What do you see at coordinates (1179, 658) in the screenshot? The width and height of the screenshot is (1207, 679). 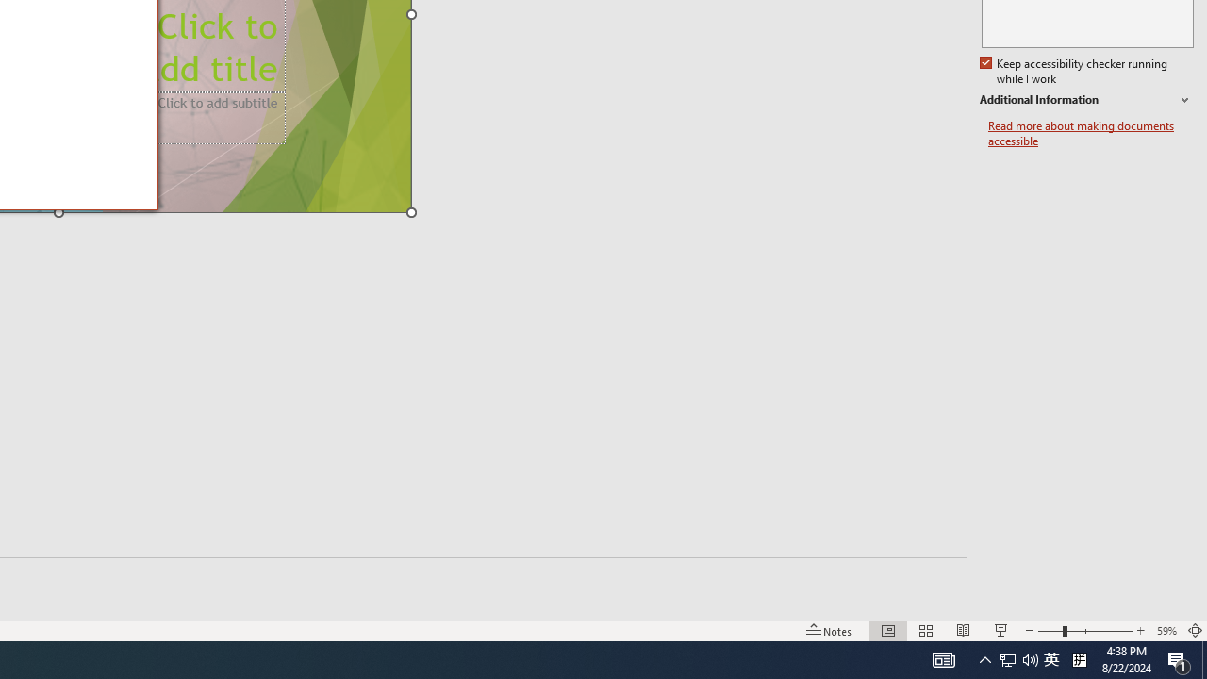 I see `'Action Center, 1 new notification'` at bounding box center [1179, 658].